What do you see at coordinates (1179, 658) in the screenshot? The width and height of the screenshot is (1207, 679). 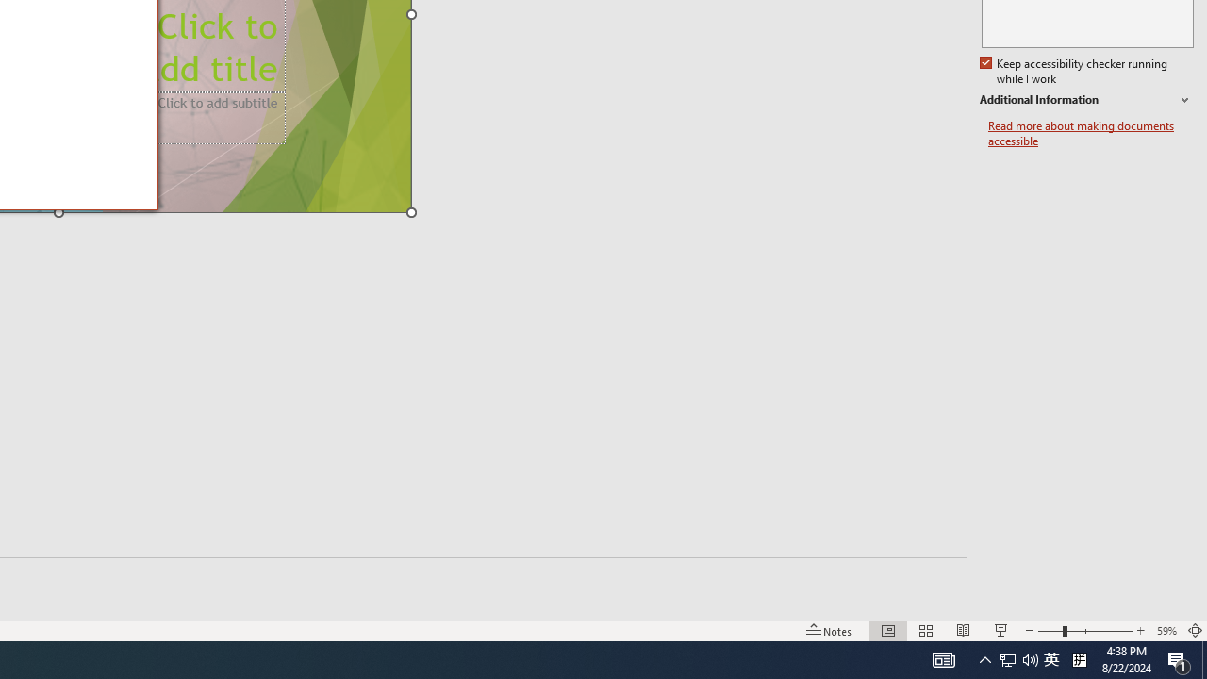 I see `'Action Center, 1 new notification'` at bounding box center [1179, 658].